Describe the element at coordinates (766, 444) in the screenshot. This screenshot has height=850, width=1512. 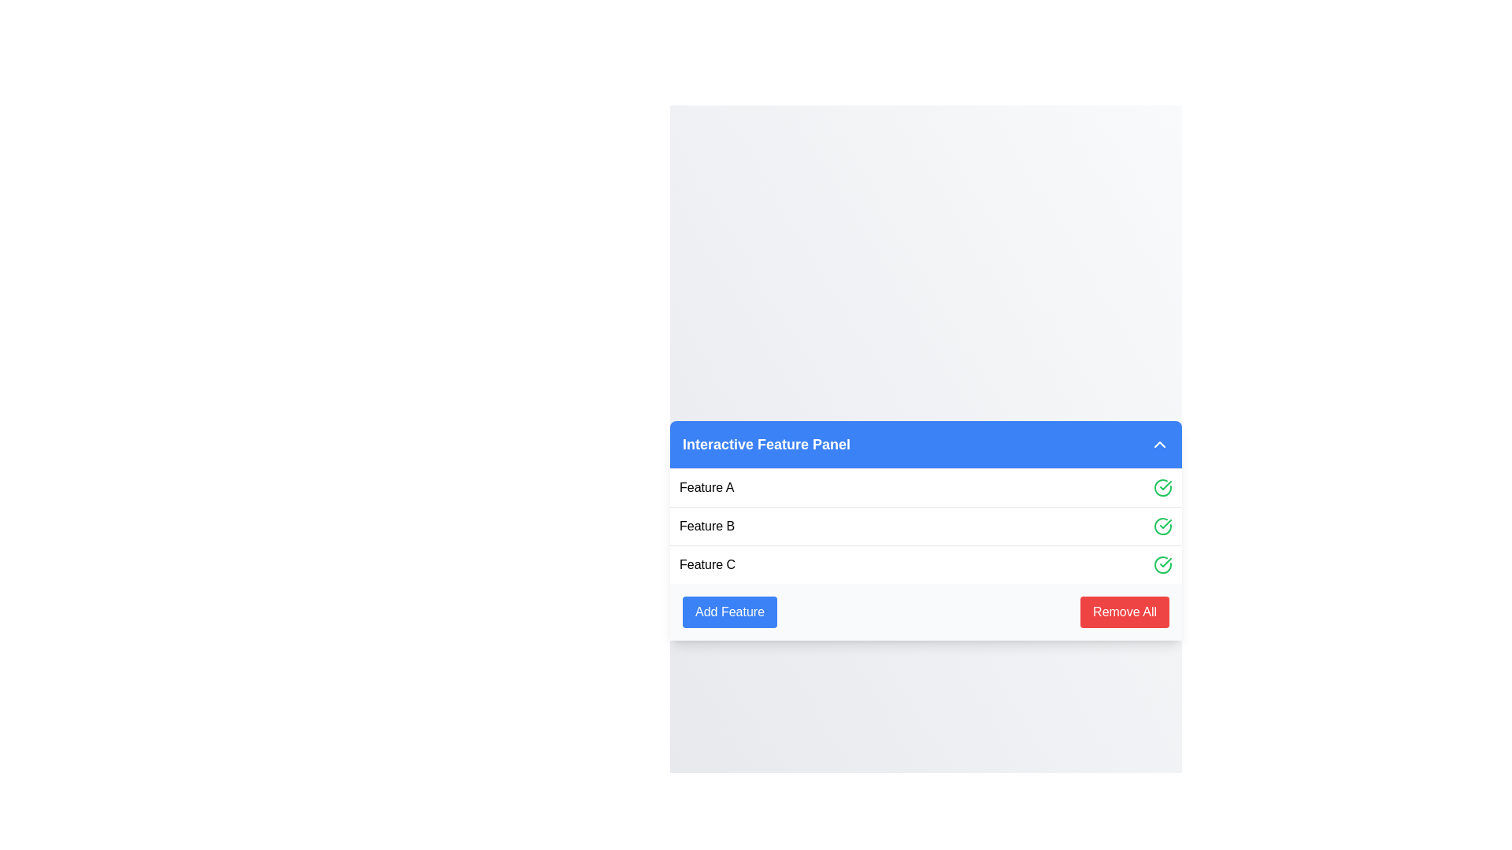
I see `text label that serves as the title or heading for the feature panel, positioned on the left side of the blue header bar` at that location.